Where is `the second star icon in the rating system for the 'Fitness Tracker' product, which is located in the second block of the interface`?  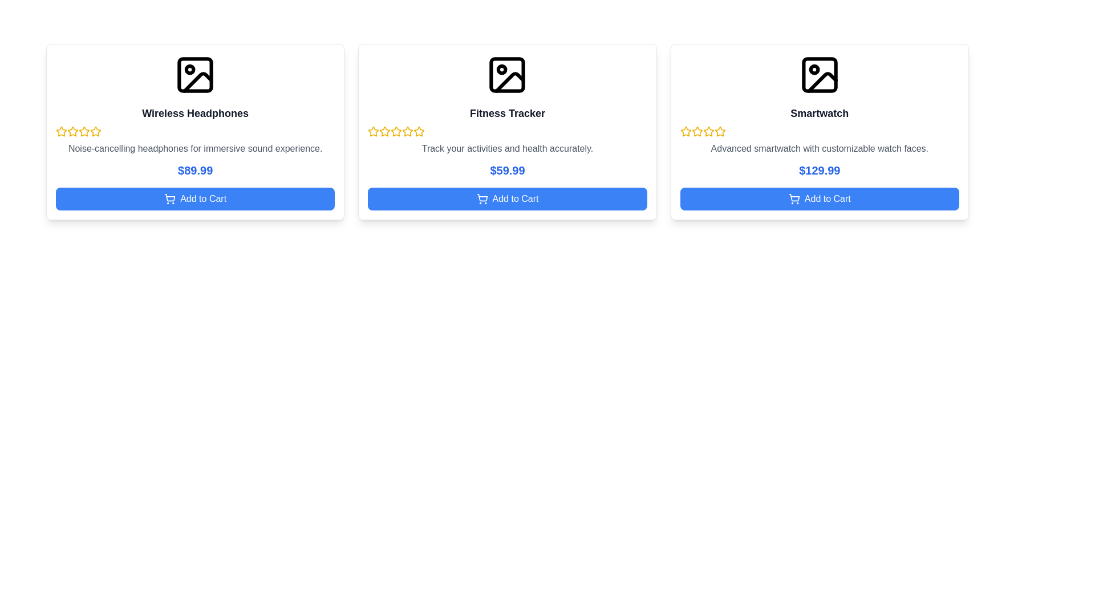 the second star icon in the rating system for the 'Fitness Tracker' product, which is located in the second block of the interface is located at coordinates (385, 131).